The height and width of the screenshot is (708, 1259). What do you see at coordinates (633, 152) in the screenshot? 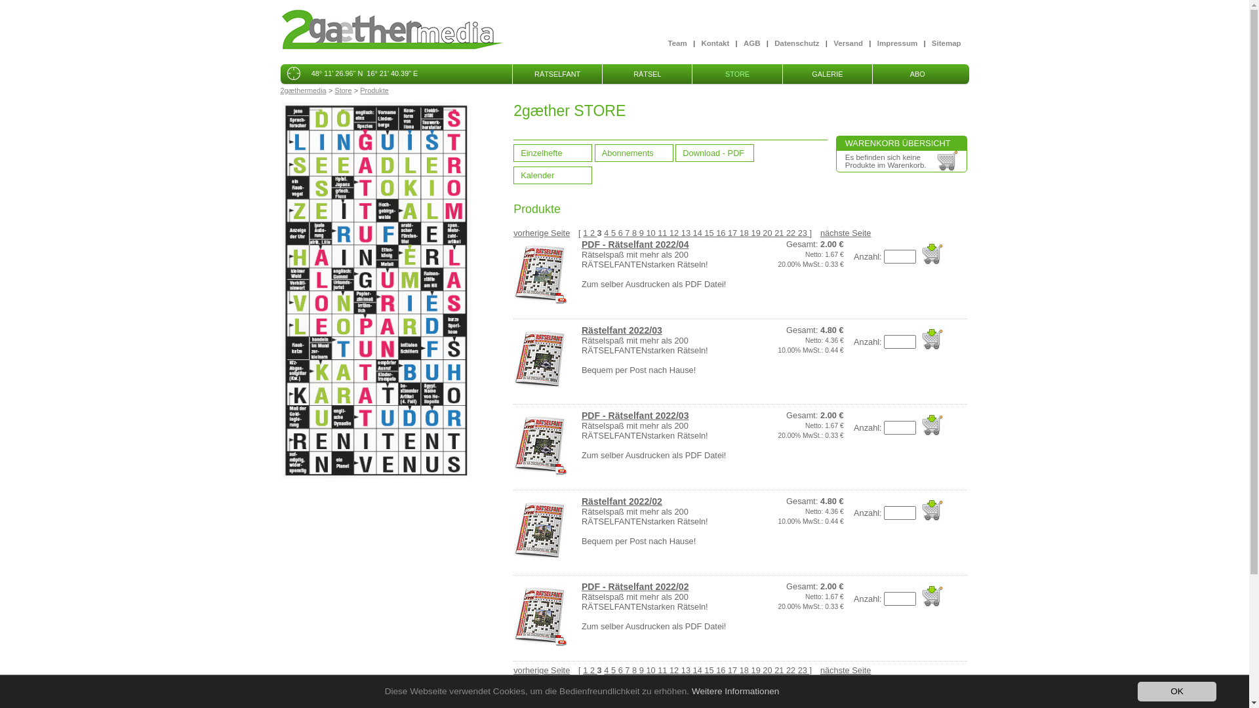
I see `'Abonnements'` at bounding box center [633, 152].